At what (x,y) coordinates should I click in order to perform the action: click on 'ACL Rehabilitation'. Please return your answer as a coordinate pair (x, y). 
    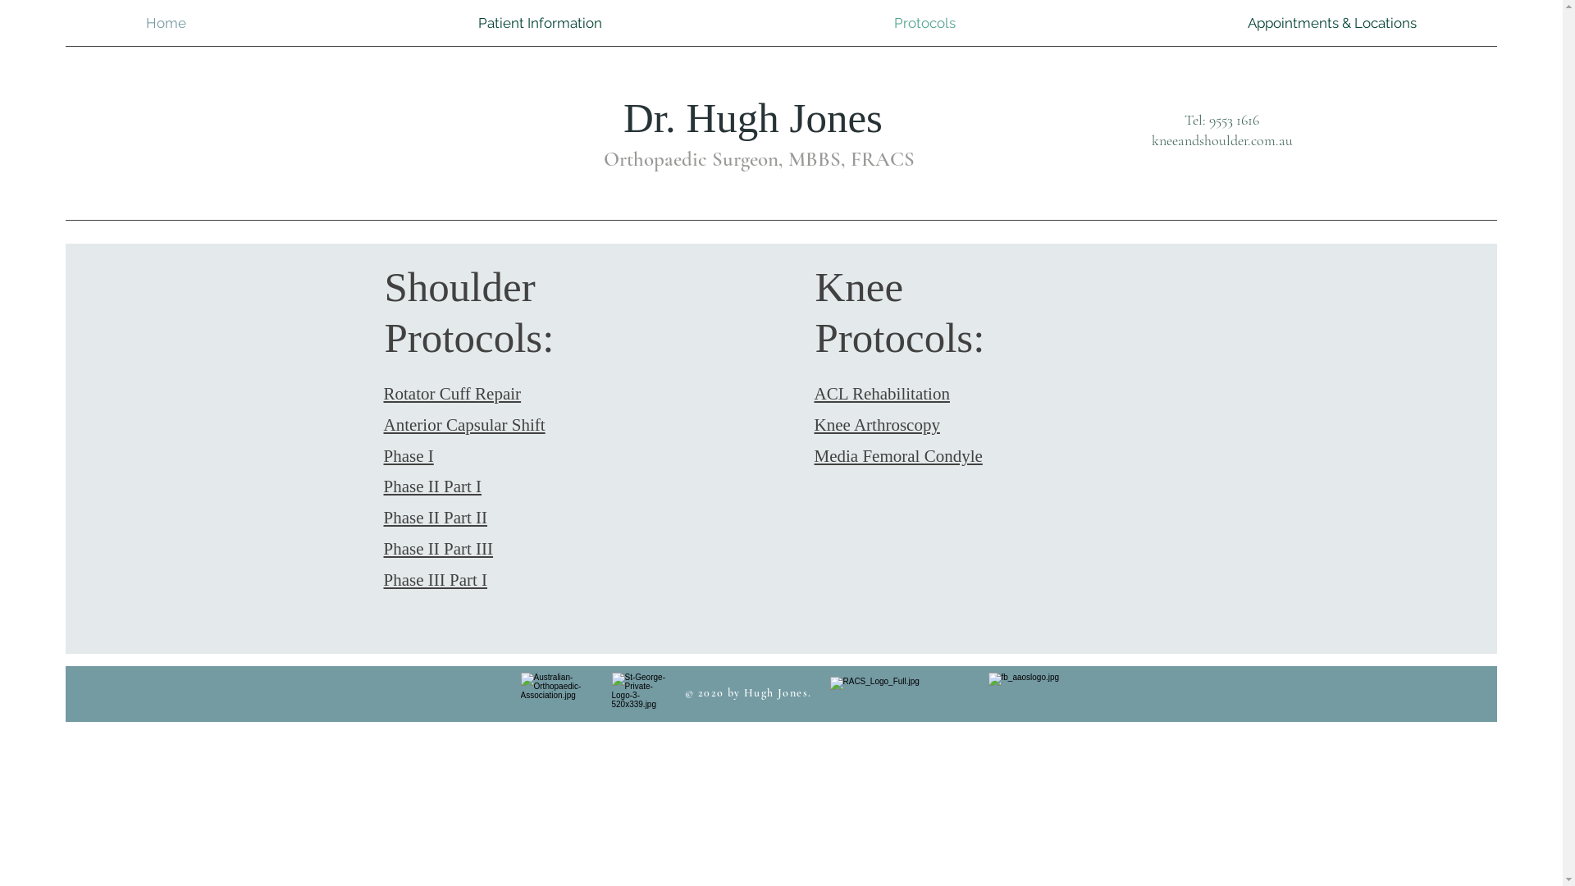
    Looking at the image, I should click on (880, 393).